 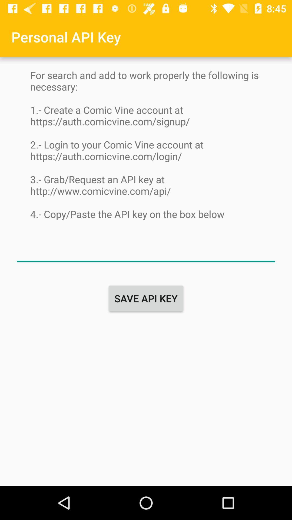 What do you see at coordinates (146, 251) in the screenshot?
I see `api key` at bounding box center [146, 251].